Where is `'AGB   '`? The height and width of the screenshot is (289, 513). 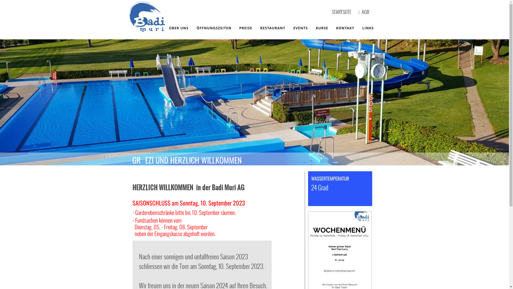
'AGB   ' is located at coordinates (367, 12).